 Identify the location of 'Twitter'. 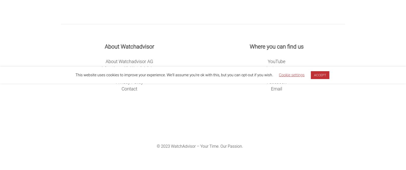
(276, 75).